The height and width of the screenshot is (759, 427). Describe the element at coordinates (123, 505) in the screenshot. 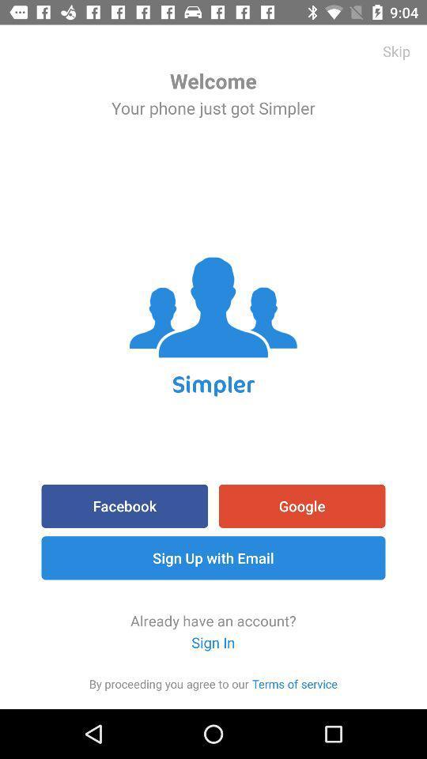

I see `the item above sign up with` at that location.